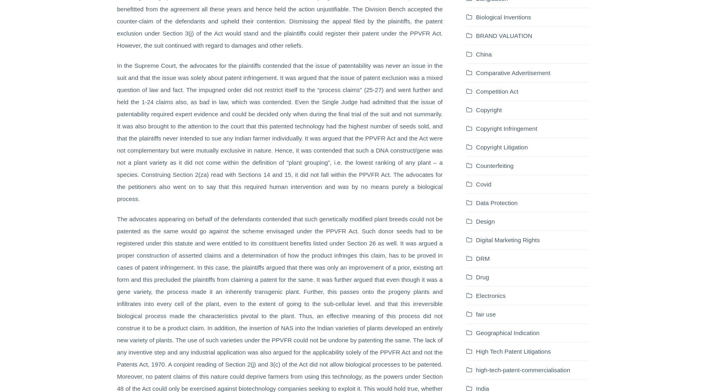  I want to click on 'Design', so click(485, 221).